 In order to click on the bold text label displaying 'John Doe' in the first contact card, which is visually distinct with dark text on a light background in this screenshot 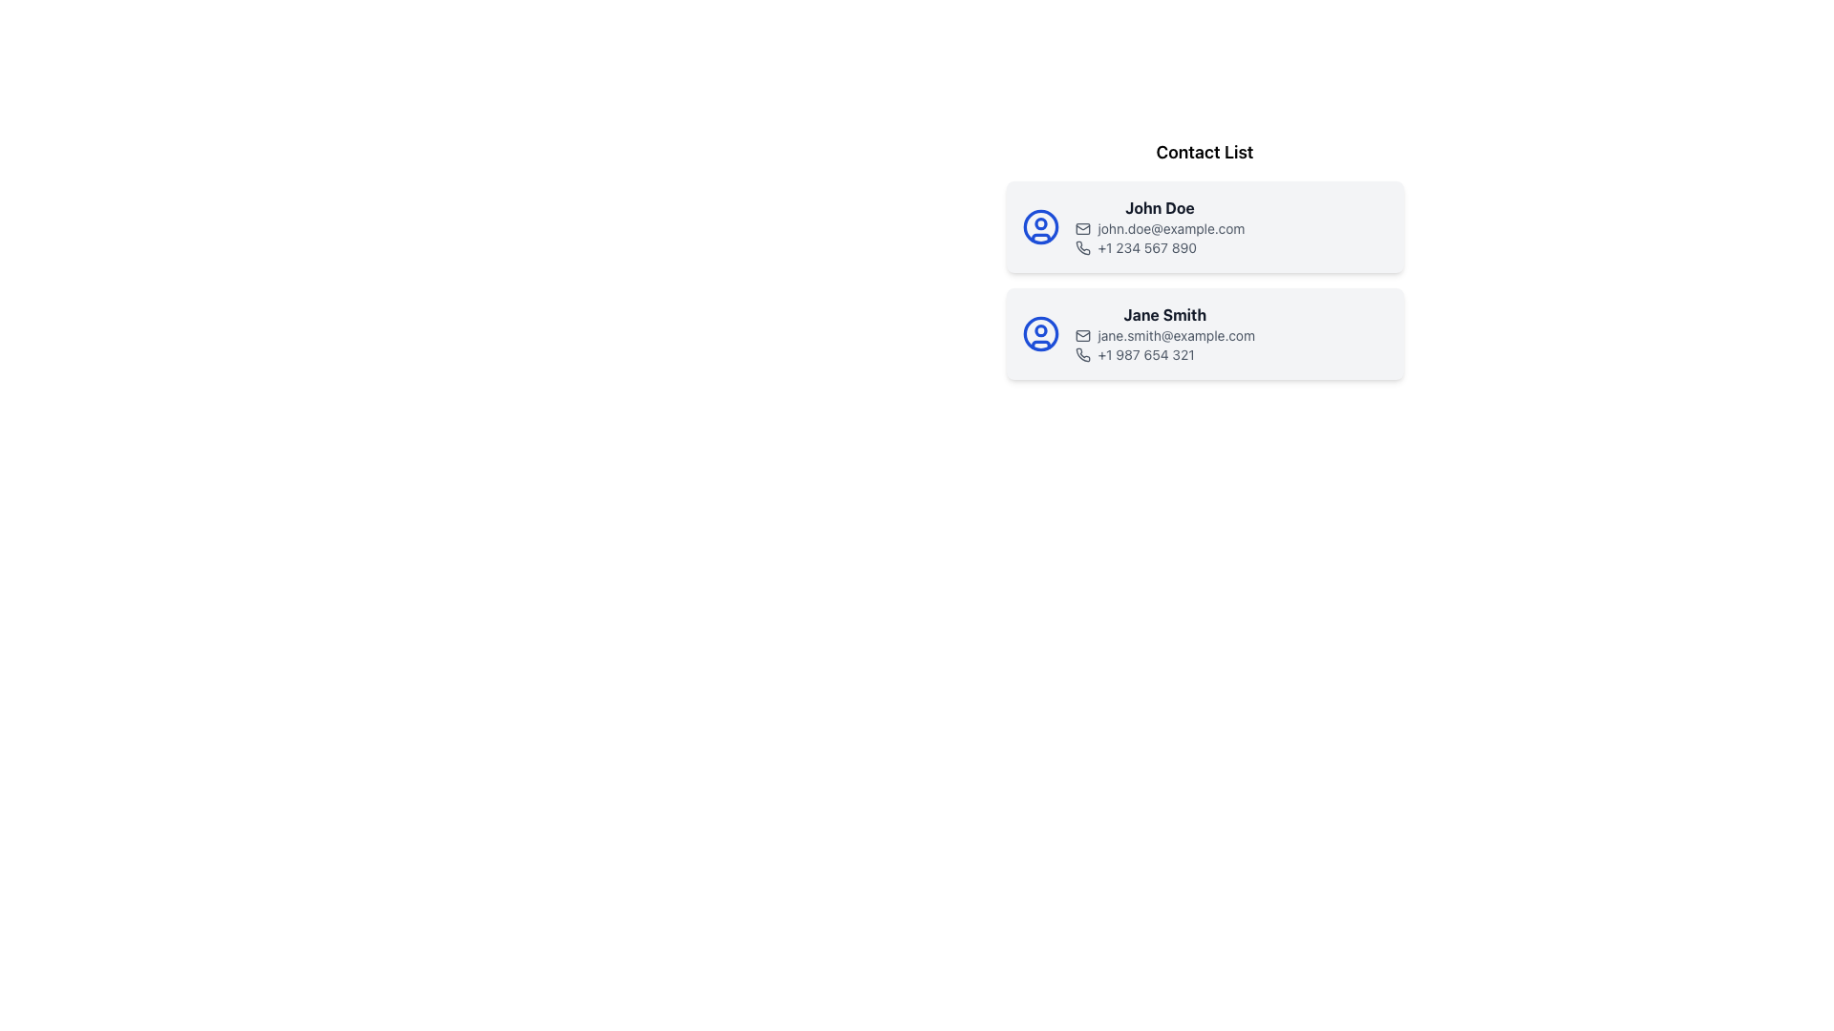, I will do `click(1159, 208)`.